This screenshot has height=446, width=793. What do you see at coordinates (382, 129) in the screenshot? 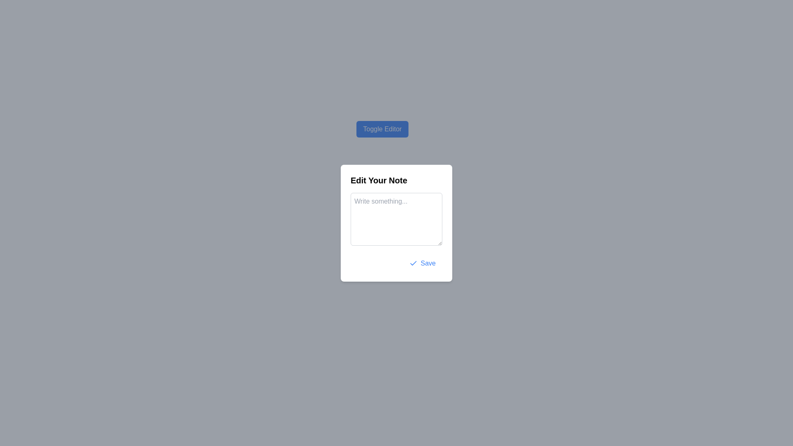
I see `the button that toggles the visibility or state of the editor located just above the 'Edit Your Note' form` at bounding box center [382, 129].